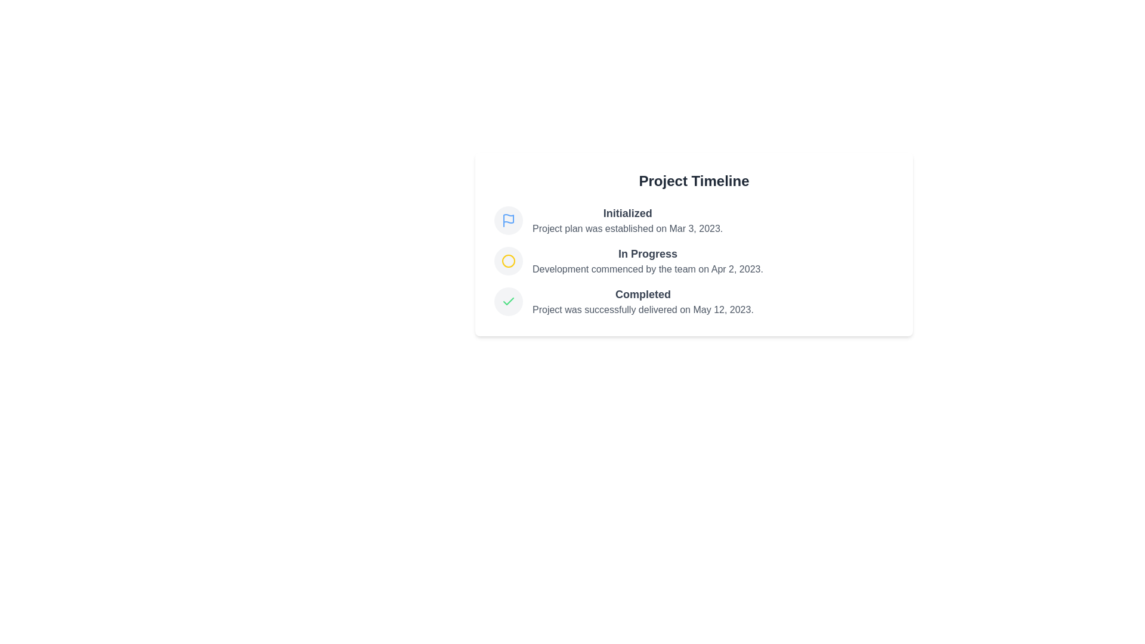 Image resolution: width=1145 pixels, height=644 pixels. Describe the element at coordinates (509, 261) in the screenshot. I see `the circular icon with a gray background and yellow outline, which is located in the 'Project Timeline' section and is associated with the text 'In Progress', to observe its tooltip` at that location.